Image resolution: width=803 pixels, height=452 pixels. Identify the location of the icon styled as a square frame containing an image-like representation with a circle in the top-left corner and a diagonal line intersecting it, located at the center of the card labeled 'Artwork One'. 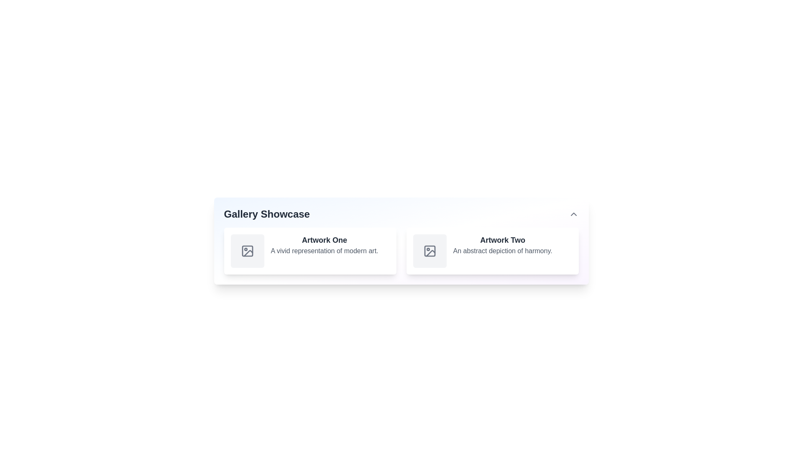
(247, 251).